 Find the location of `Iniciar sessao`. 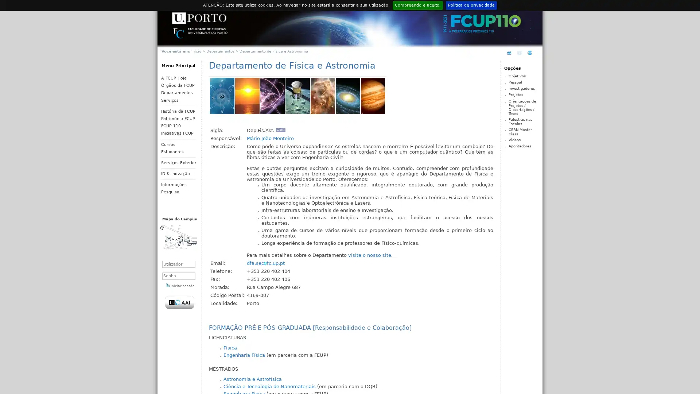

Iniciar sessao is located at coordinates (180, 285).